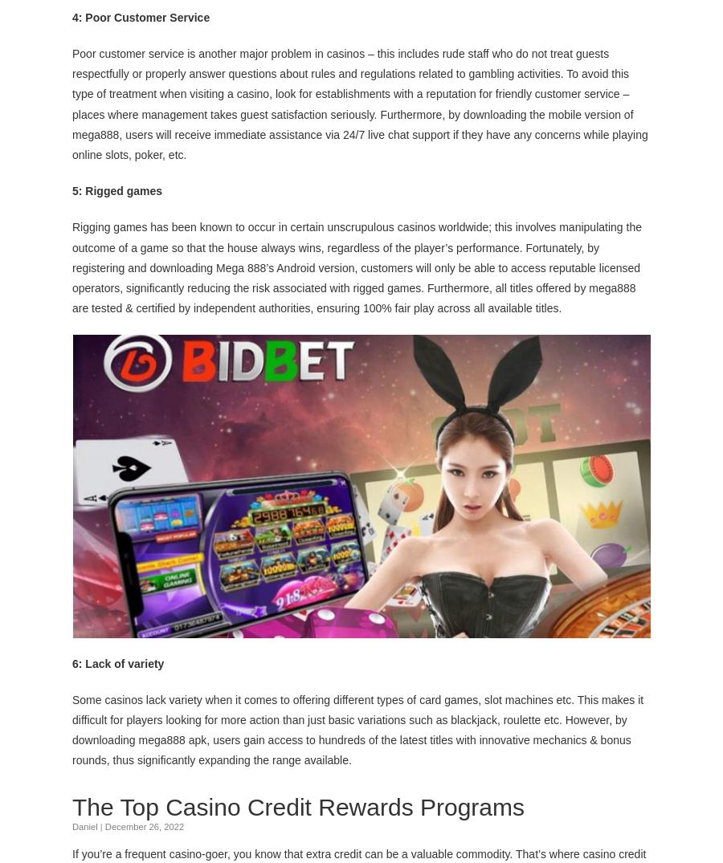 The width and height of the screenshot is (723, 863). What do you see at coordinates (116, 190) in the screenshot?
I see `'5: Rigged games'` at bounding box center [116, 190].